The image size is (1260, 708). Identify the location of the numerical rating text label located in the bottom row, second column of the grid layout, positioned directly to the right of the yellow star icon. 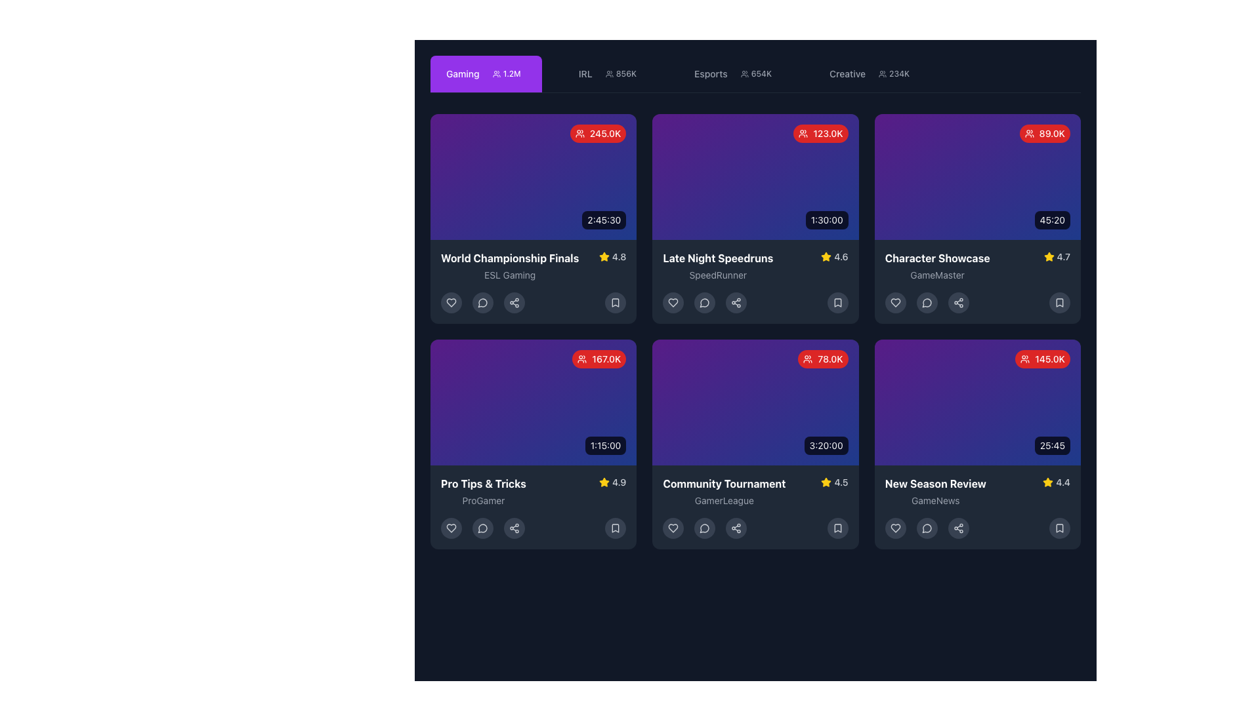
(841, 482).